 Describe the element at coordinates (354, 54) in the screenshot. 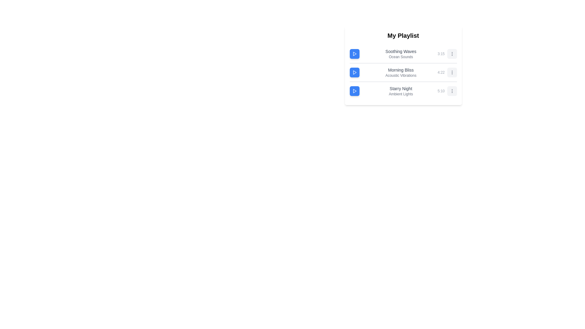

I see `the triangular play button located in the top-left corner of the first item in the playlist to initiate playback of the audio track` at that location.